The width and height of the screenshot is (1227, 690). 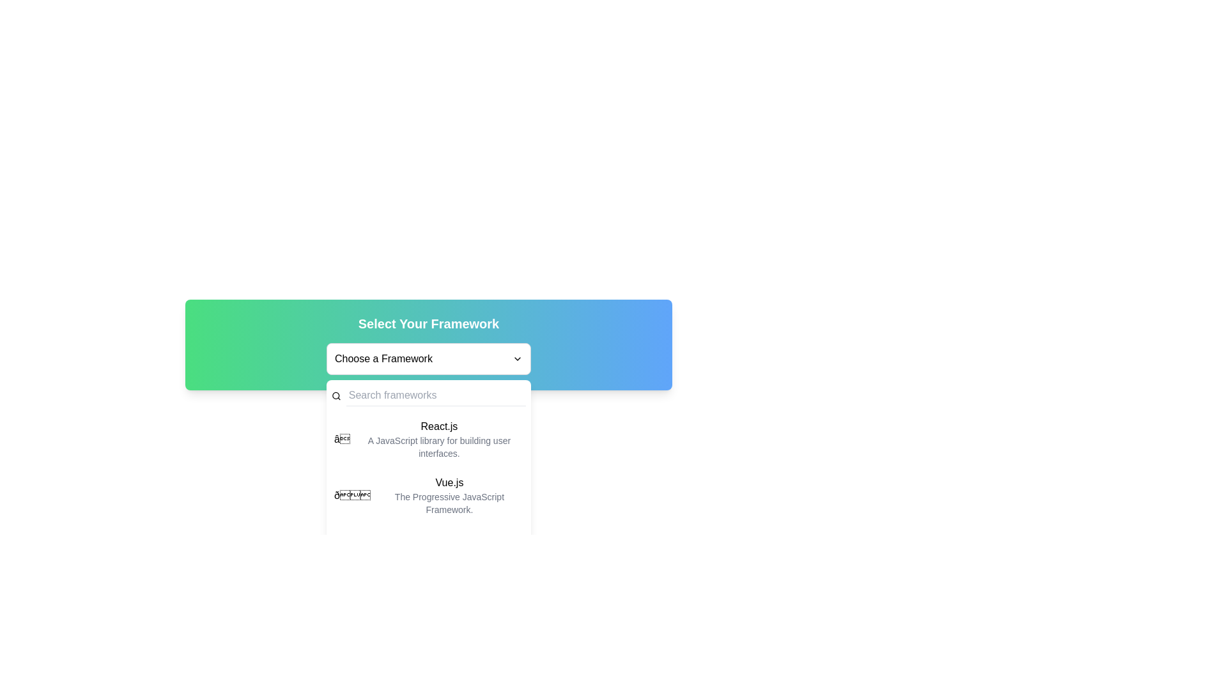 What do you see at coordinates (352, 494) in the screenshot?
I see `the Unicode emoji '🌟' which is styled with a class 'mr-2' and is positioned at the beginning of the row containing 'Vue.js'` at bounding box center [352, 494].